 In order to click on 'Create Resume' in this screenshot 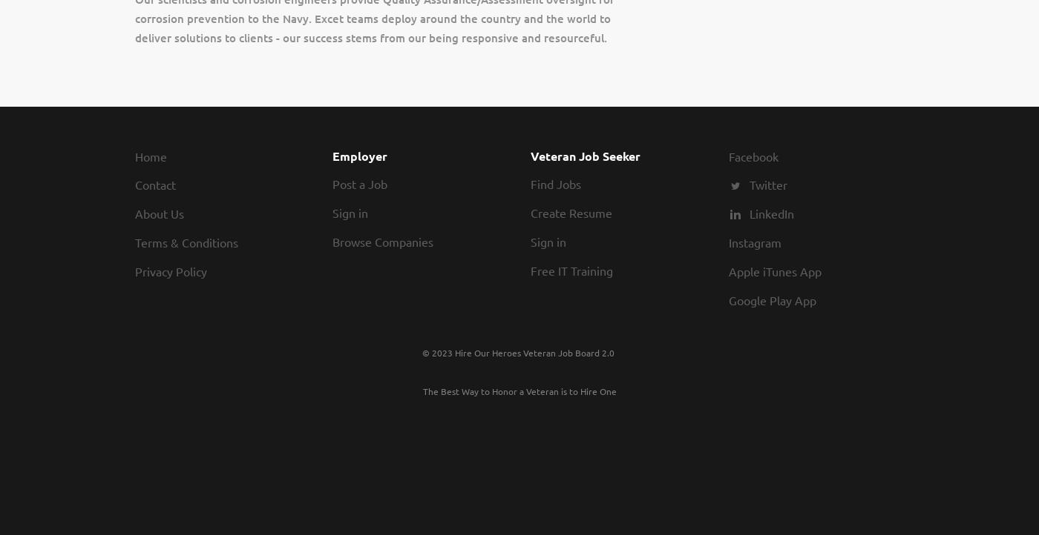, I will do `click(571, 212)`.